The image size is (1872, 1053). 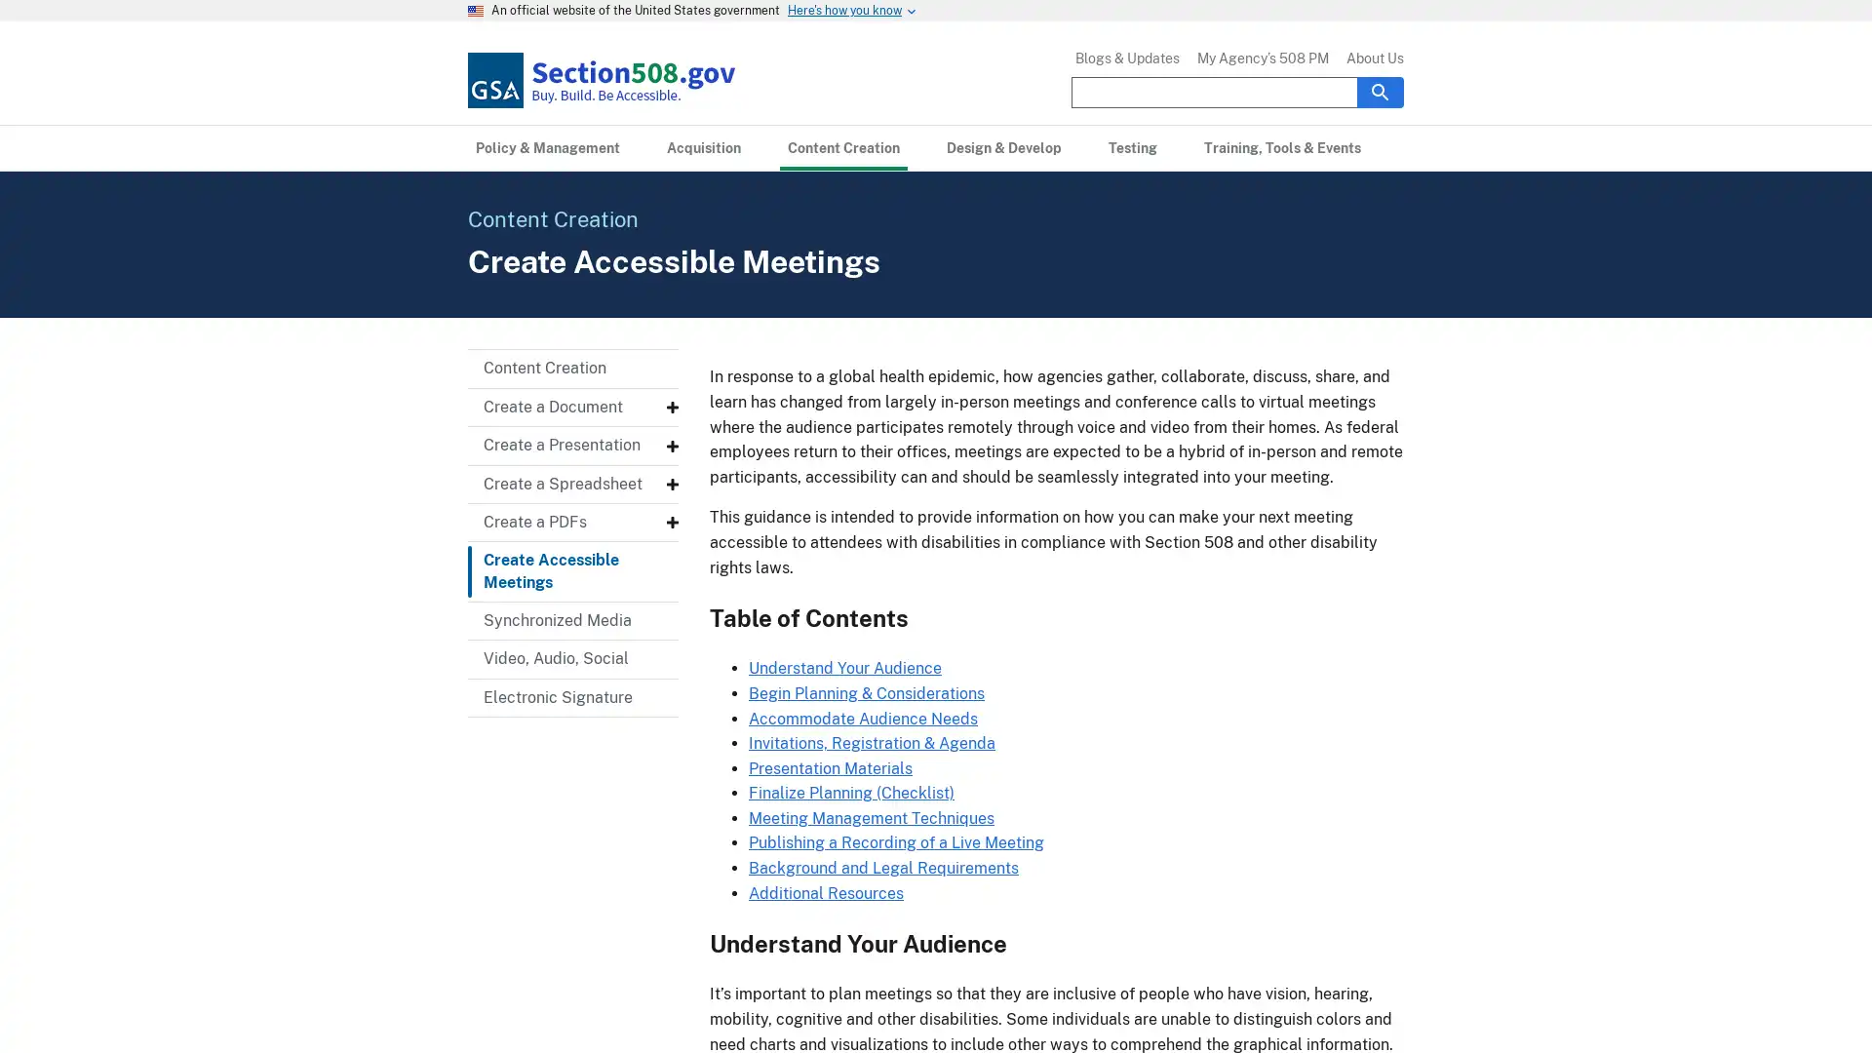 I want to click on Search, so click(x=1380, y=91).